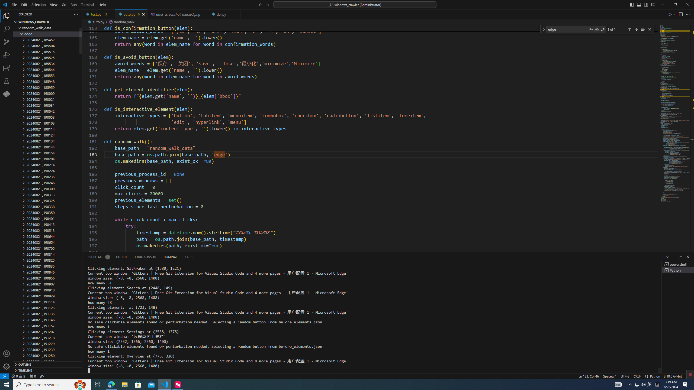  I want to click on 'Toggle Secondary Side Bar (Ctrl+Alt+B)', so click(646, 4).